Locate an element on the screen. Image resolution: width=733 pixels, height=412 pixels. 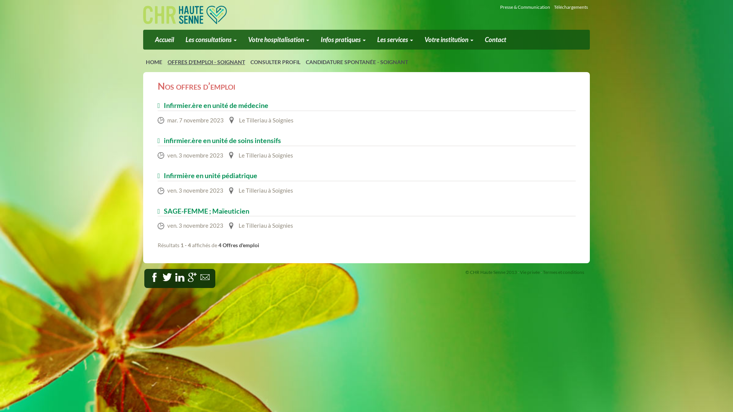
'Contact' is located at coordinates (495, 40).